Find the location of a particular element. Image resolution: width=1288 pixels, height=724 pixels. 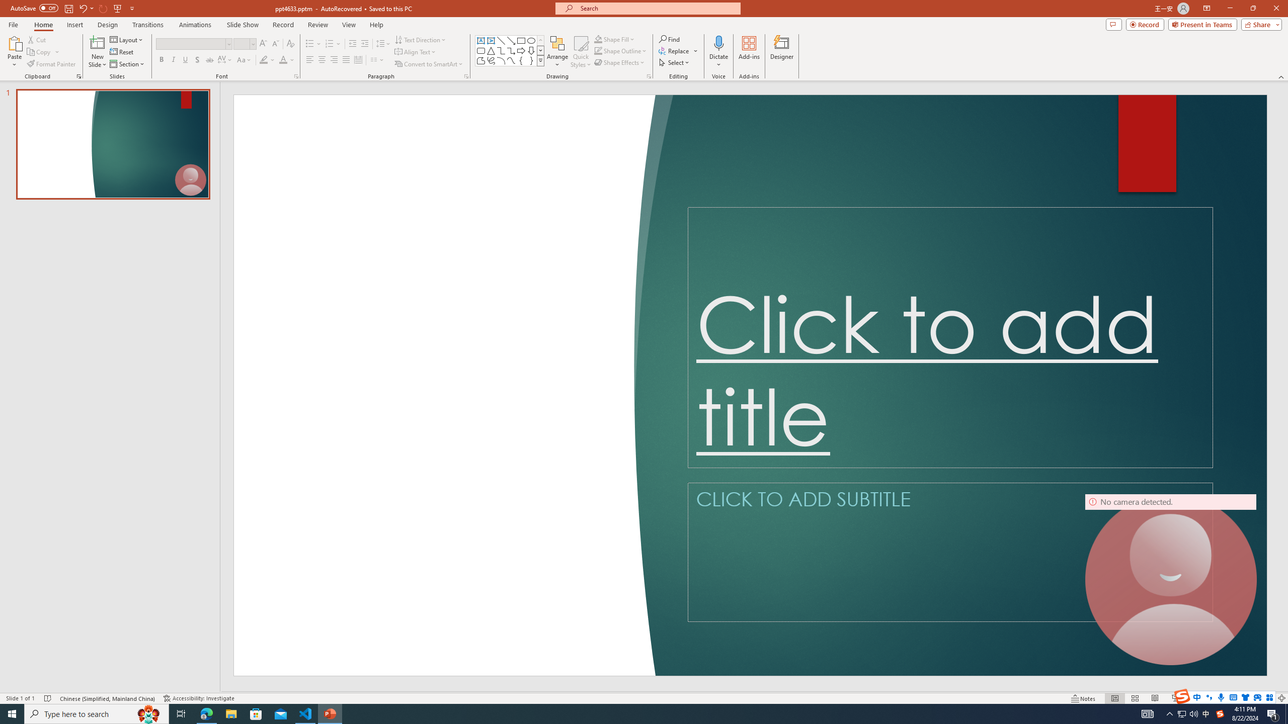

'Text Box' is located at coordinates (480, 40).